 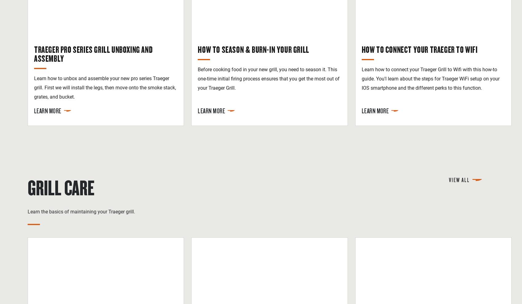 What do you see at coordinates (449, 179) in the screenshot?
I see `'View All'` at bounding box center [449, 179].